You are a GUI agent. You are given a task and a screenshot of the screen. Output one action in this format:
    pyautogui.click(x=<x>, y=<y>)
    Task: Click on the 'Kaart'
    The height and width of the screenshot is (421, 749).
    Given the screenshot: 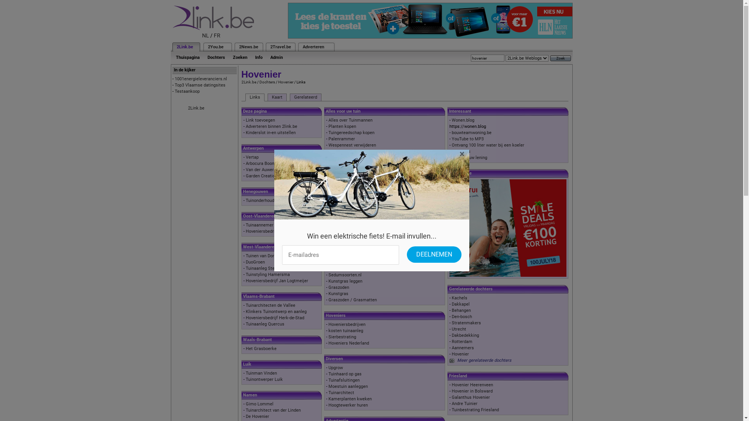 What is the action you would take?
    pyautogui.click(x=277, y=97)
    